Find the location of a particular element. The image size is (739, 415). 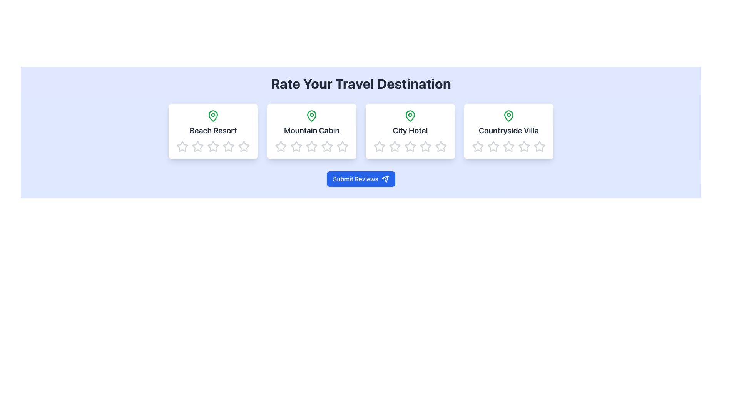

the first star in the rating system of the 'City Hotel' card is located at coordinates (379, 146).